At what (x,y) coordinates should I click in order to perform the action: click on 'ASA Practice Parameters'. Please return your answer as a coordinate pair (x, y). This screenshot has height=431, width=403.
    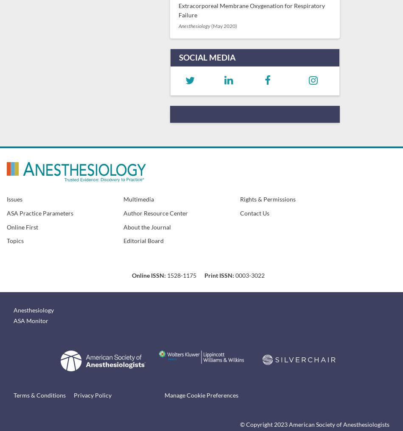
    Looking at the image, I should click on (40, 213).